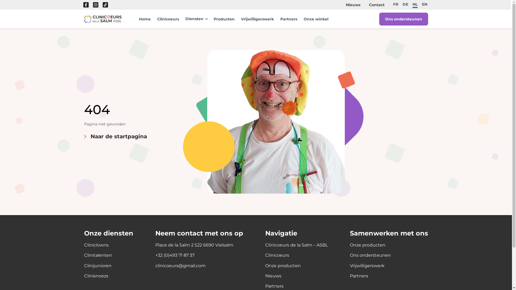 The height and width of the screenshot is (290, 516). Describe the element at coordinates (115, 136) in the screenshot. I see `'Naar de startpagina'` at that location.